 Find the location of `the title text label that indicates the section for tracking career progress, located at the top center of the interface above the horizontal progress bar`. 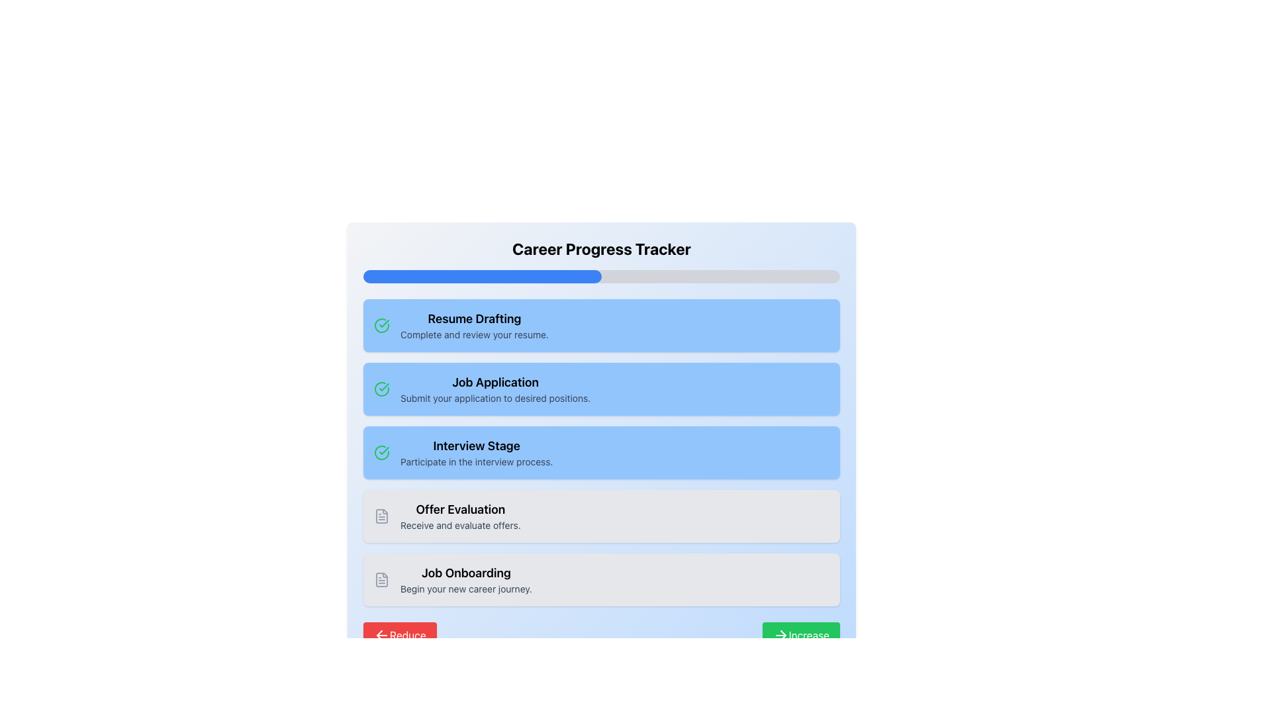

the title text label that indicates the section for tracking career progress, located at the top center of the interface above the horizontal progress bar is located at coordinates (600, 248).